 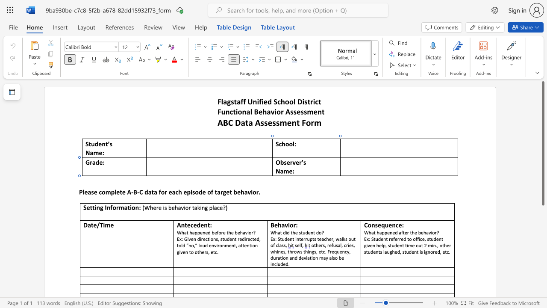 What do you see at coordinates (121, 207) in the screenshot?
I see `the 1th character "m" in the text` at bounding box center [121, 207].